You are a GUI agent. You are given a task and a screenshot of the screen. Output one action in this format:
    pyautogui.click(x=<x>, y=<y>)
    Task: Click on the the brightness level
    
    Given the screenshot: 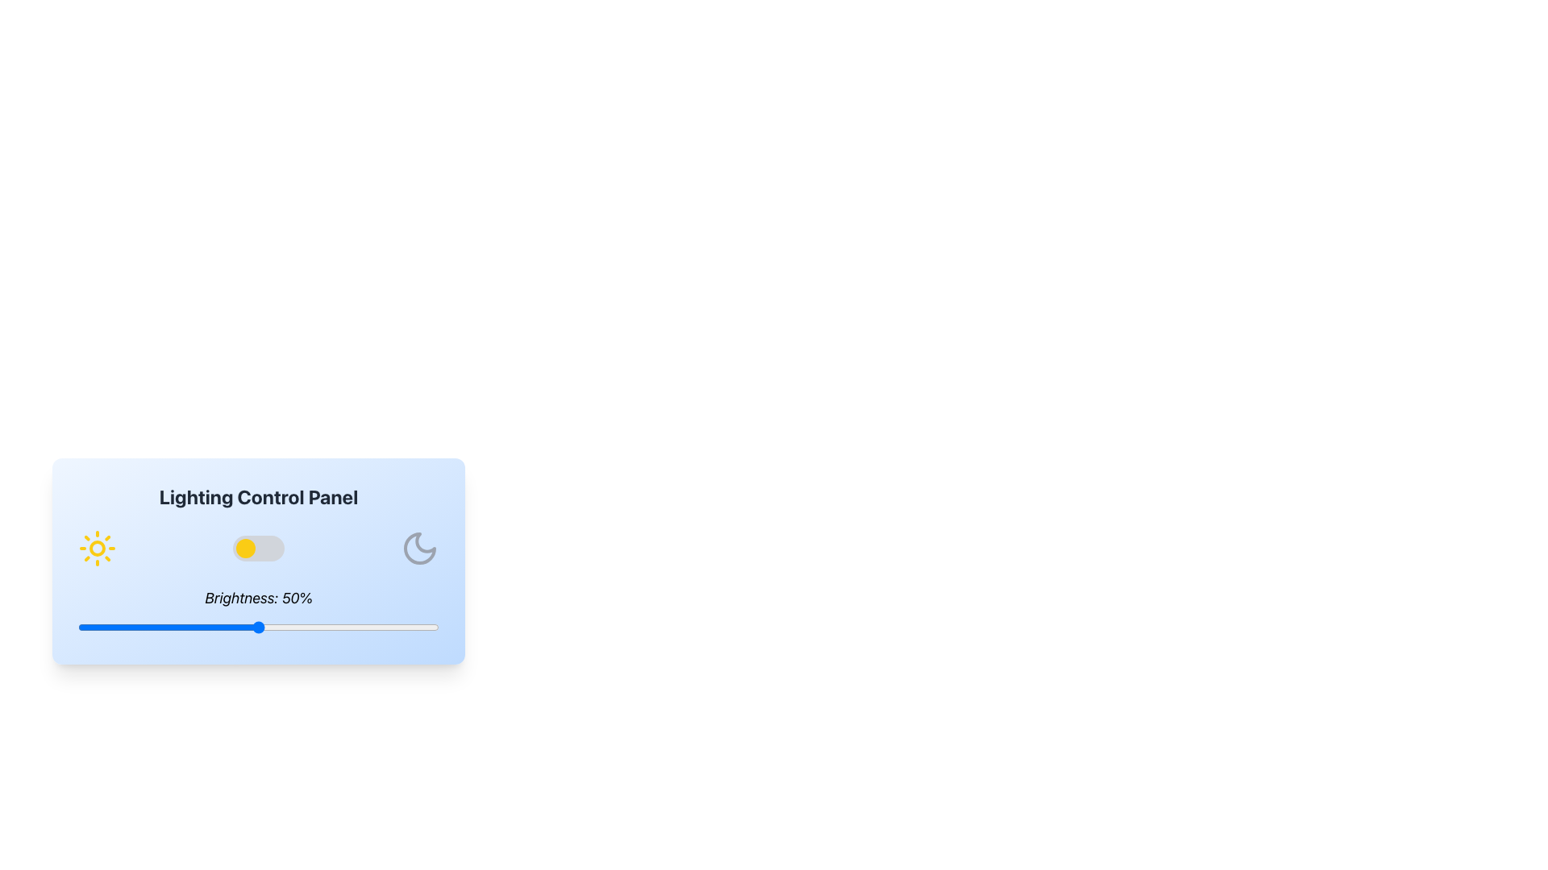 What is the action you would take?
    pyautogui.click(x=259, y=627)
    